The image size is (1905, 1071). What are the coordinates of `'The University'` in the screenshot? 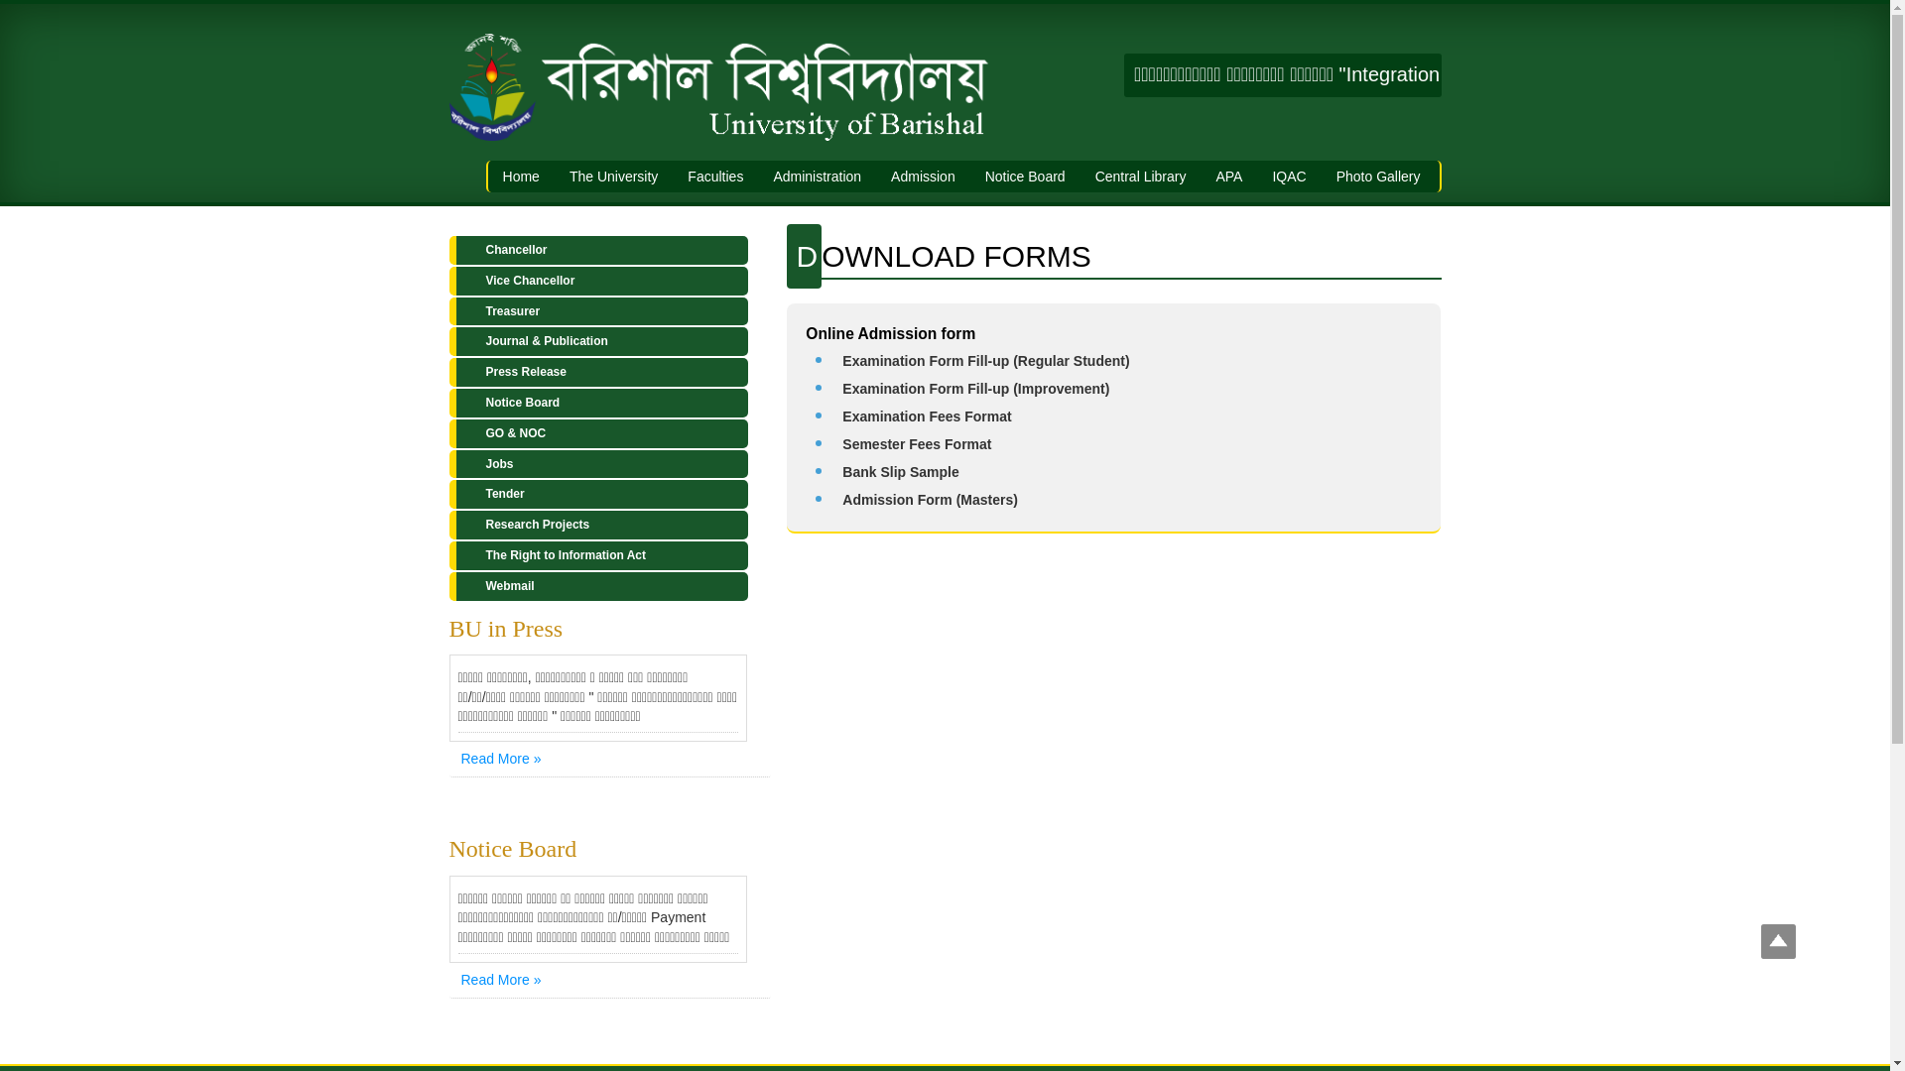 It's located at (612, 175).